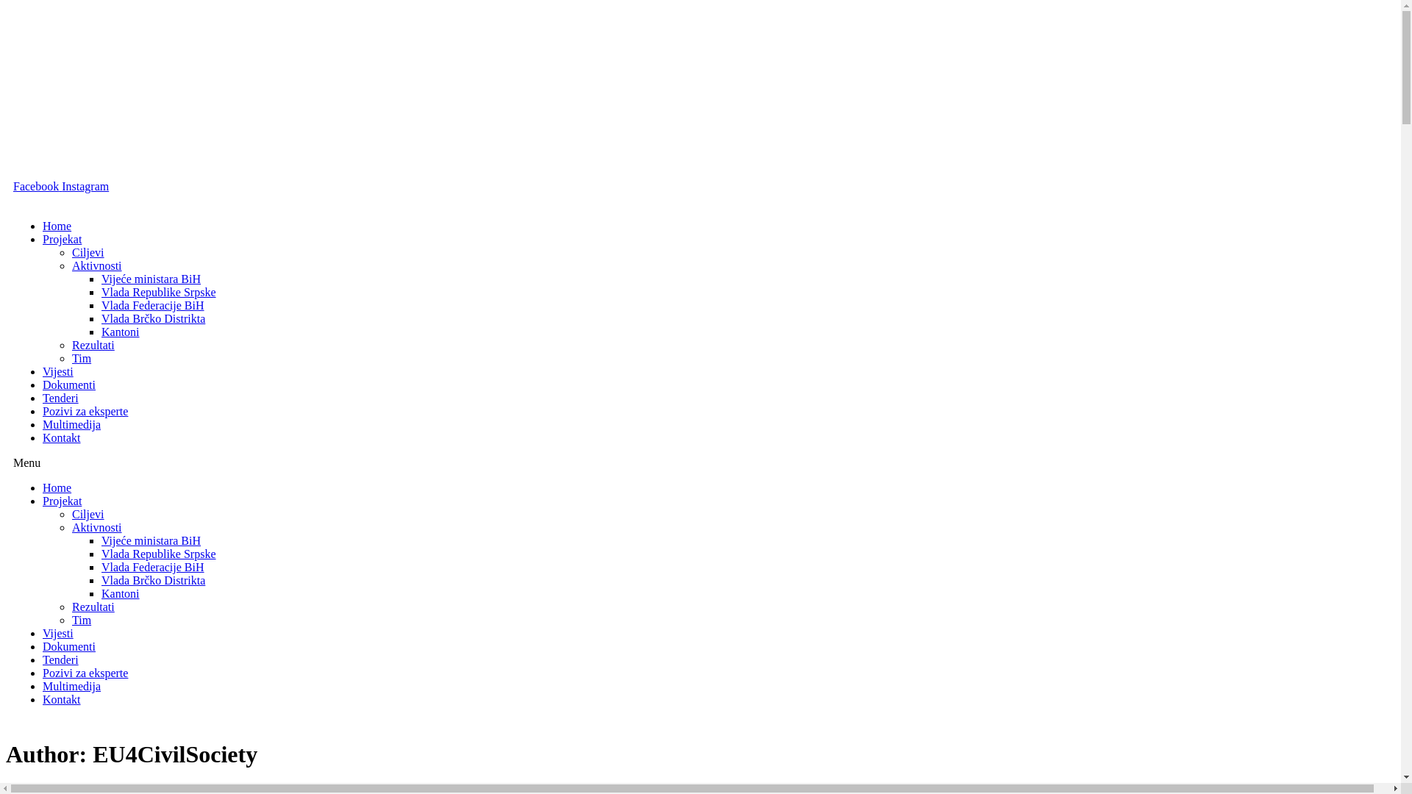  I want to click on 'Tim', so click(80, 358).